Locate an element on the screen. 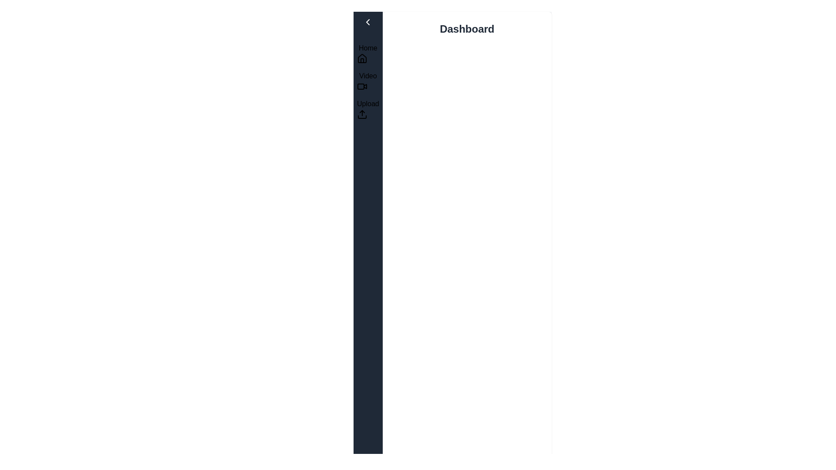  the visual representation of the recording indicator within the video camera icon, located in the middle section of the vertical navigation bar is located at coordinates (365, 86).